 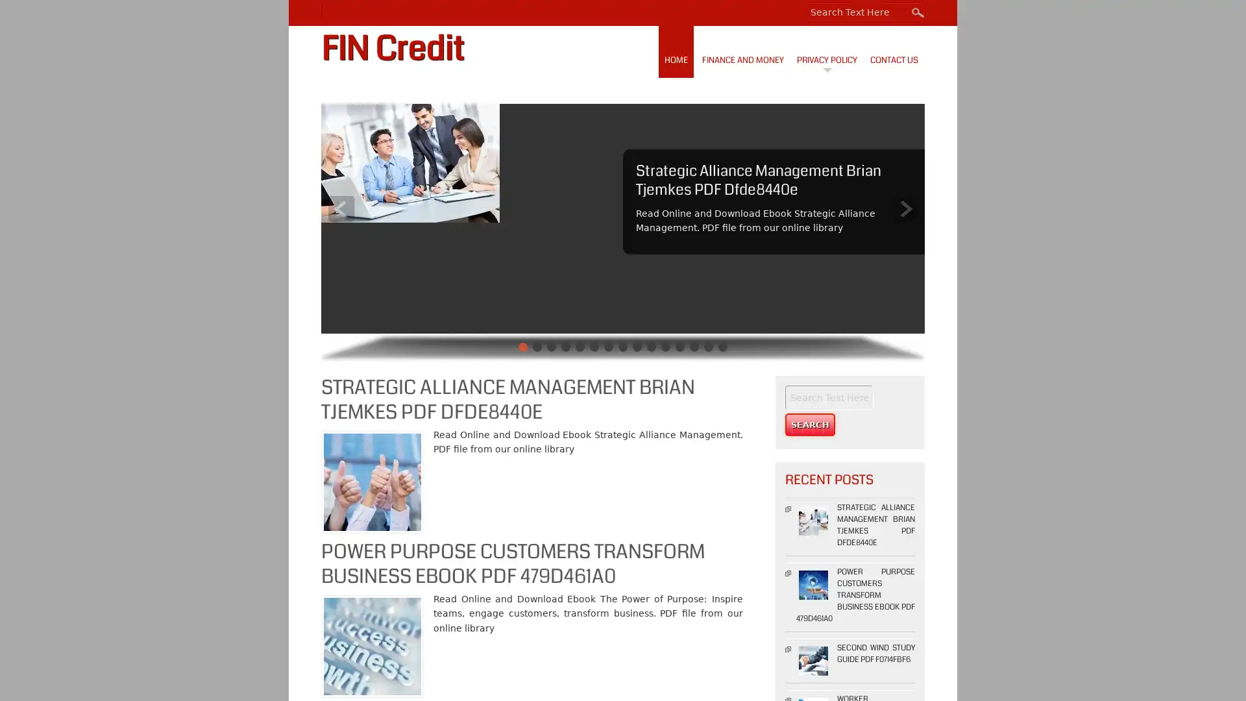 What do you see at coordinates (809, 424) in the screenshot?
I see `Search` at bounding box center [809, 424].